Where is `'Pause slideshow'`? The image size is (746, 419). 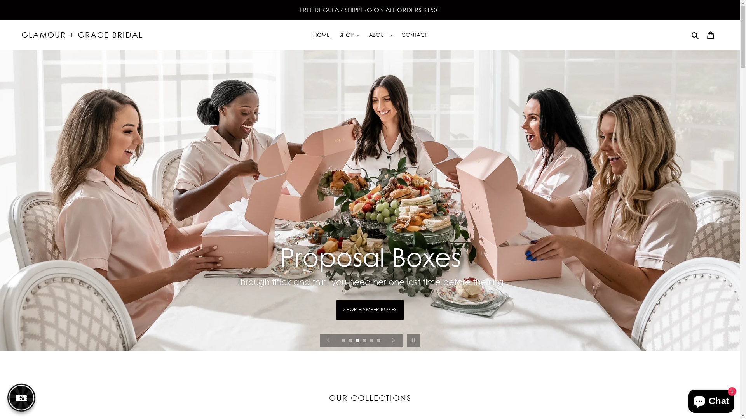
'Pause slideshow' is located at coordinates (413, 339).